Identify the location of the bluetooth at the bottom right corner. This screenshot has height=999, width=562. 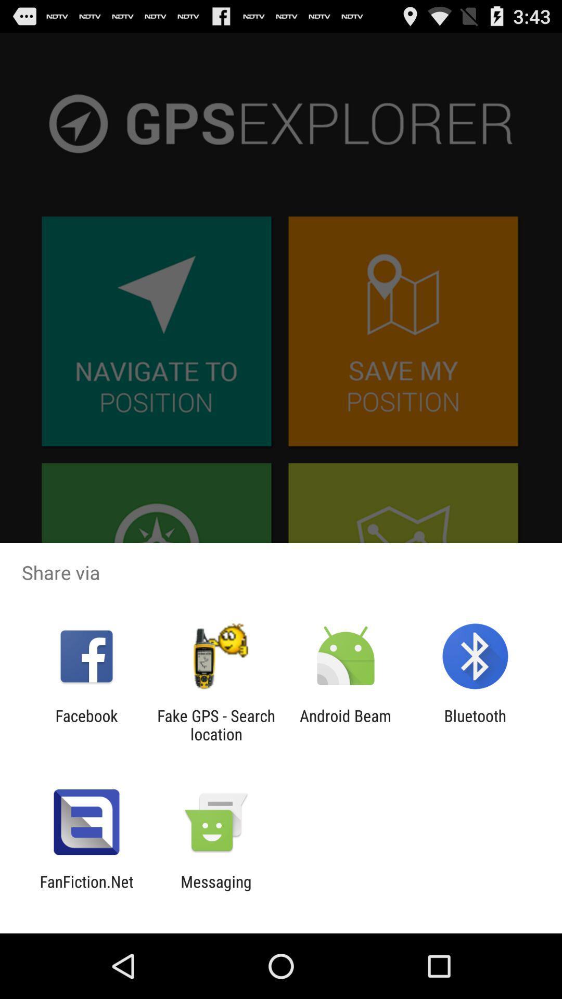
(475, 724).